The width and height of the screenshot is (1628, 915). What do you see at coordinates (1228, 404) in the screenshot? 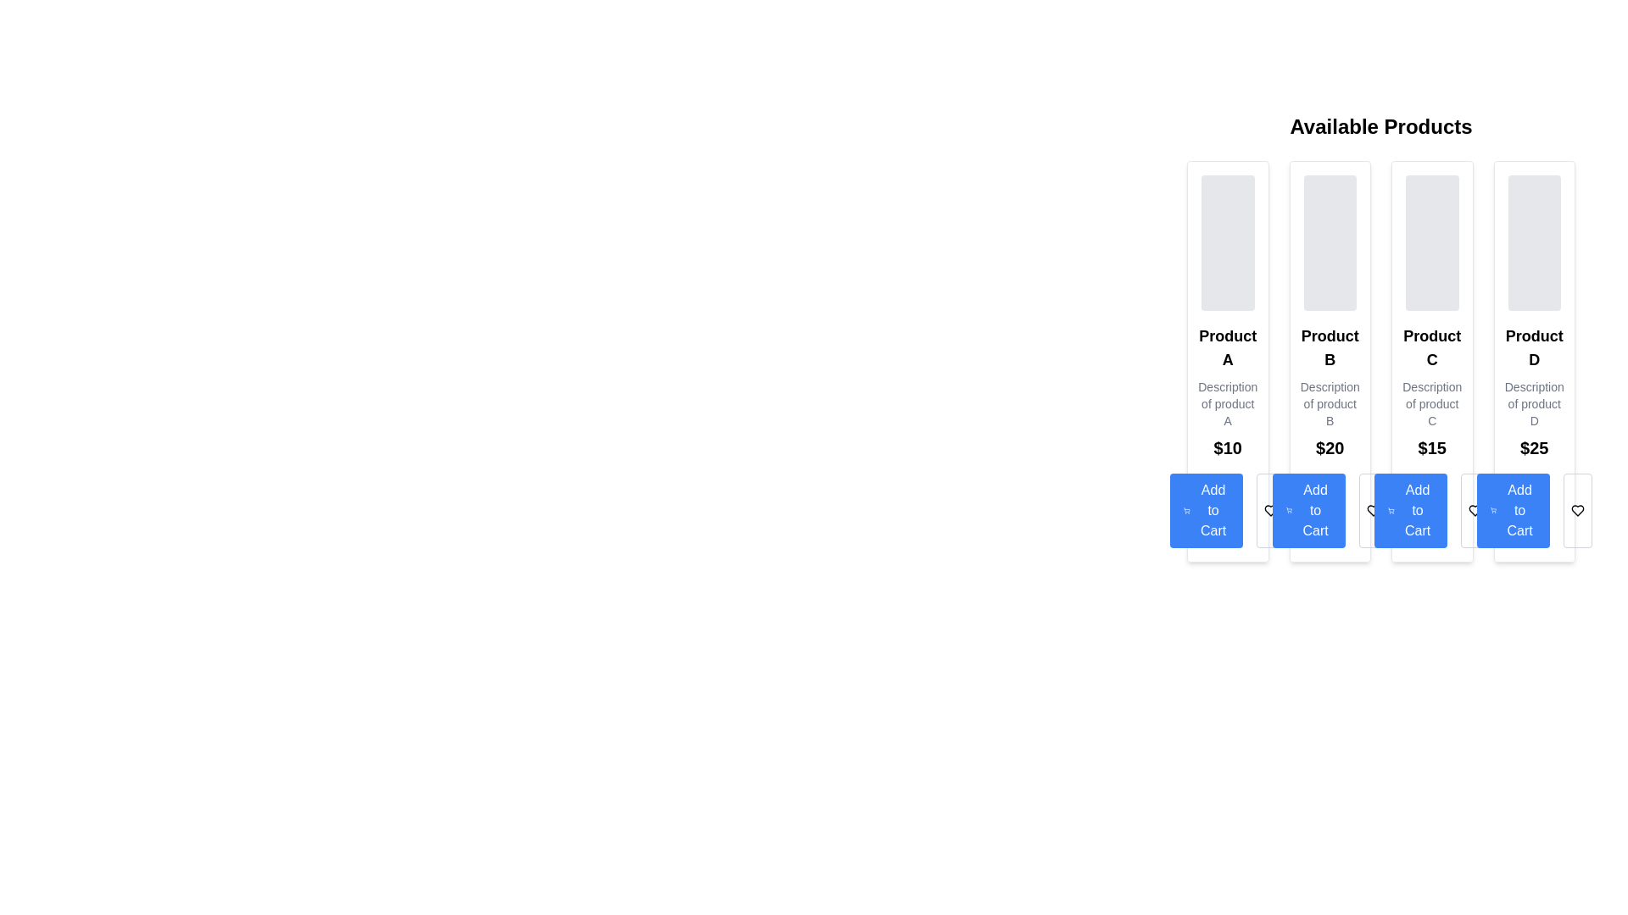
I see `the text element providing a brief description about 'Product A', located below the header and above the price '$10' in the product card layout` at bounding box center [1228, 404].